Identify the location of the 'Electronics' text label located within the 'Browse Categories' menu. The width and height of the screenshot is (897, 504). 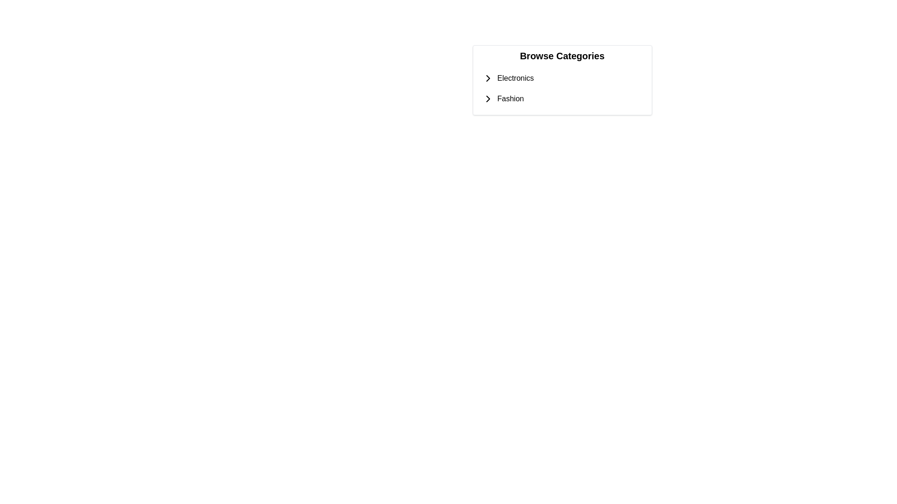
(515, 78).